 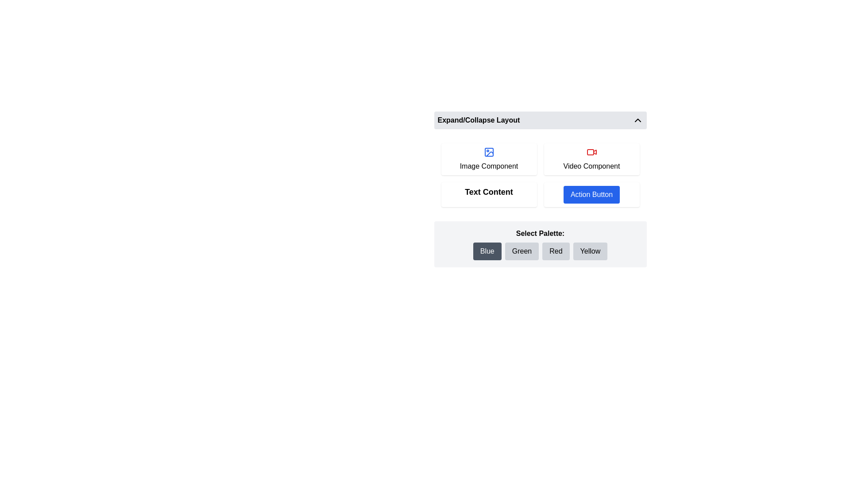 I want to click on the 'Yellow' button with a light gray background and rounded corners, so click(x=590, y=251).